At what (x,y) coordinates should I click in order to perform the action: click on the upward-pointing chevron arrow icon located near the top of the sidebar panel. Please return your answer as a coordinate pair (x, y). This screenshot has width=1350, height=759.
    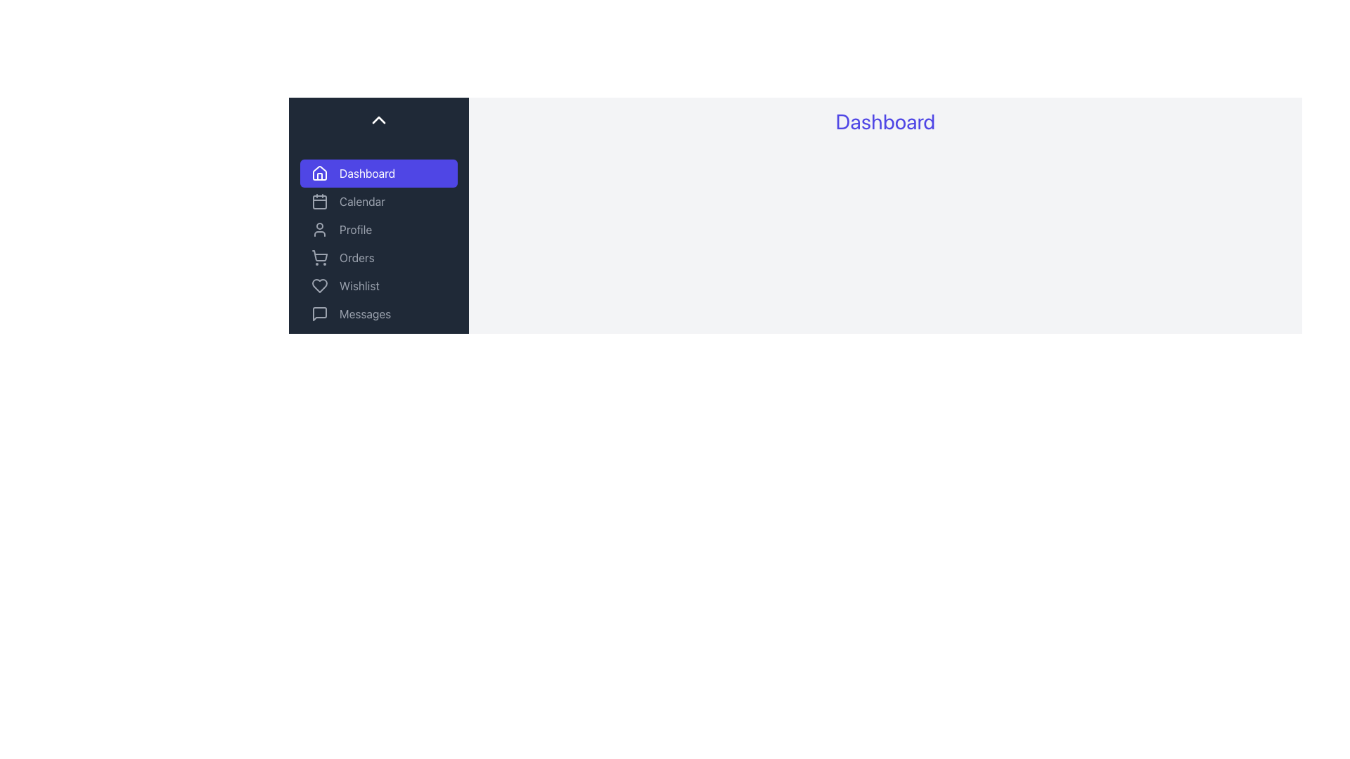
    Looking at the image, I should click on (378, 119).